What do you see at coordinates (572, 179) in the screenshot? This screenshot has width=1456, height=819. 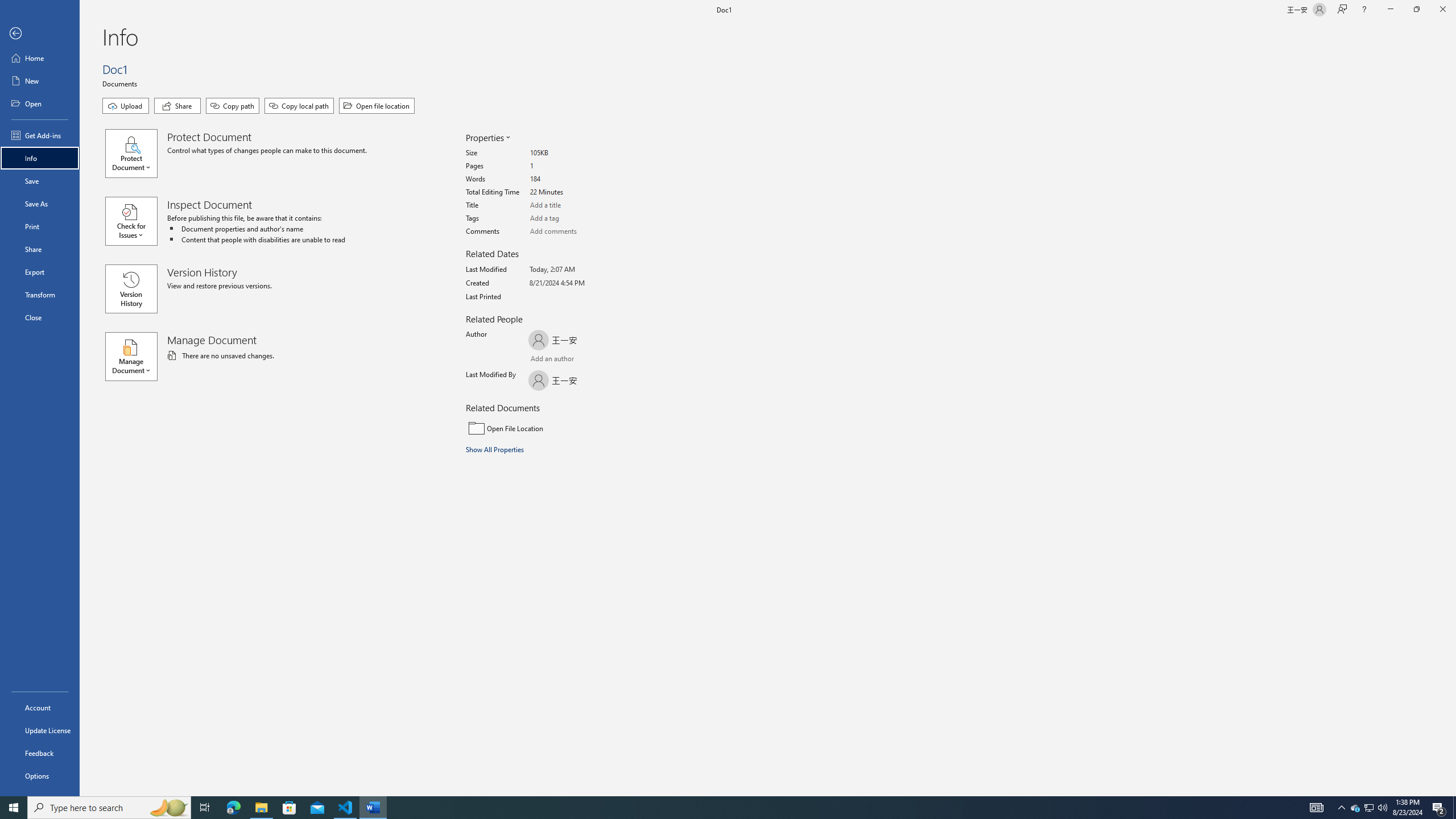 I see `'Words'` at bounding box center [572, 179].